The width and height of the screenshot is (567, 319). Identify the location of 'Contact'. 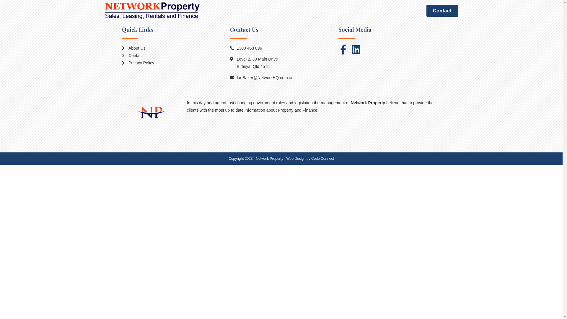
(442, 11).